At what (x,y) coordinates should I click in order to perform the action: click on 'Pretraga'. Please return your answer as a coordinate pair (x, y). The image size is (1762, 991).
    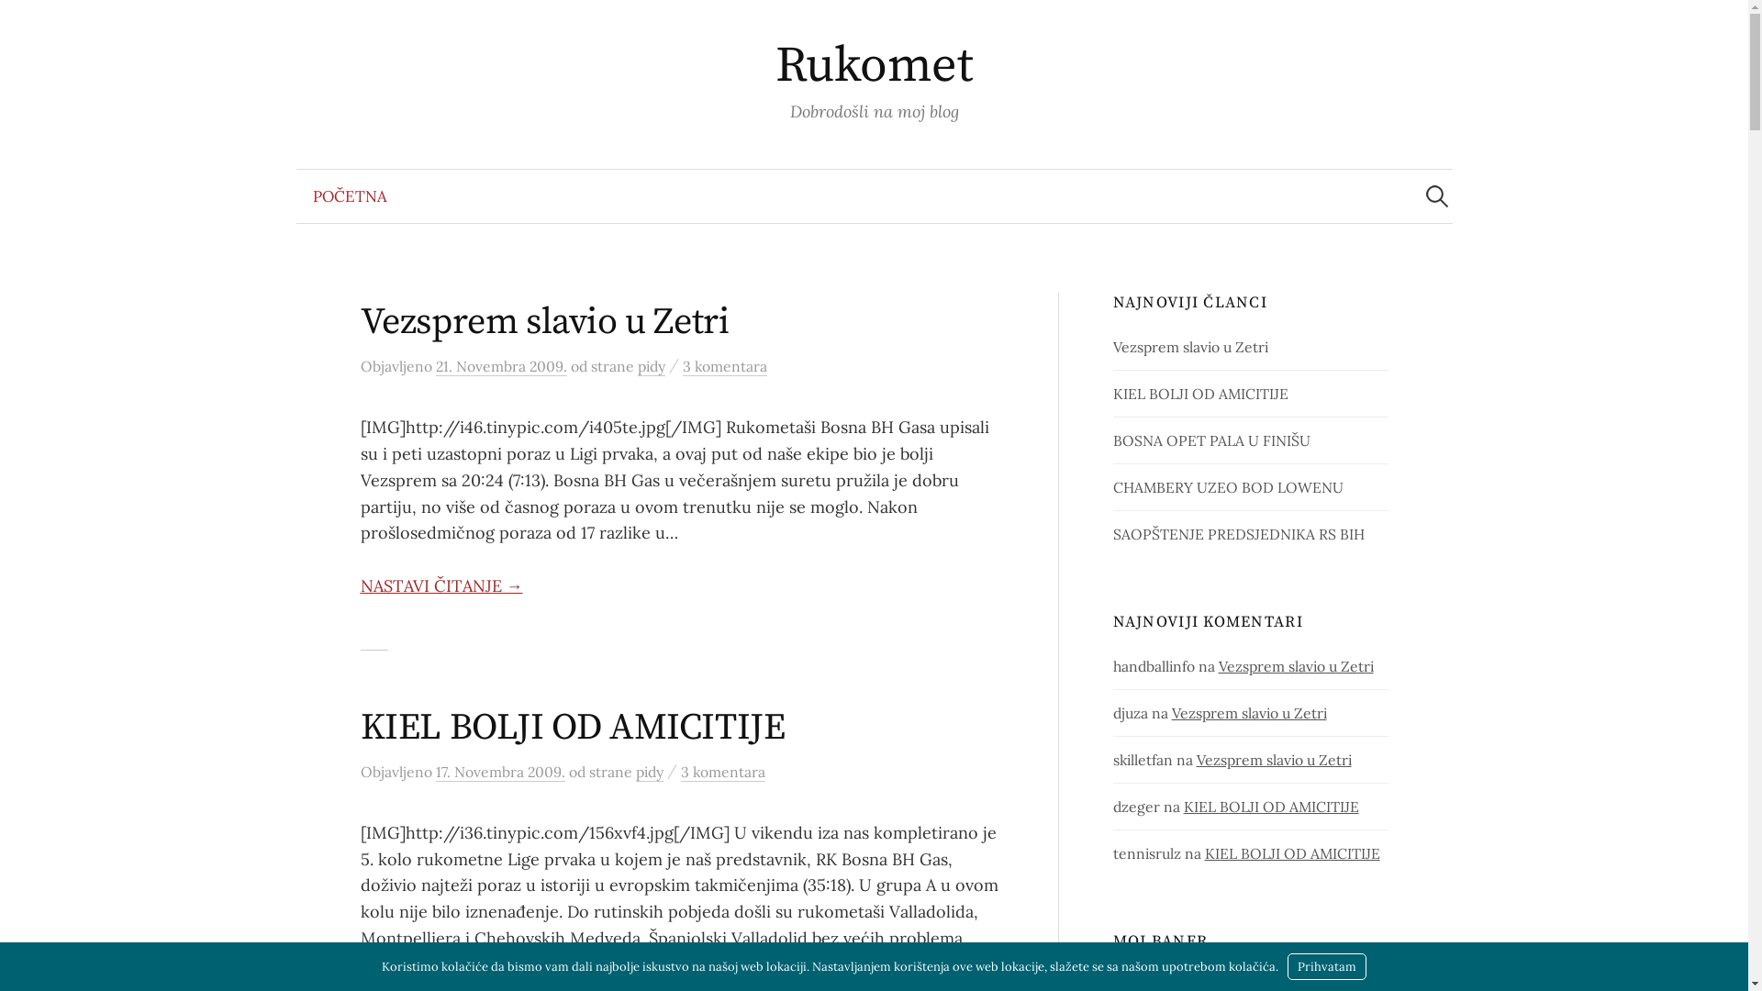
    Looking at the image, I should click on (22, 22).